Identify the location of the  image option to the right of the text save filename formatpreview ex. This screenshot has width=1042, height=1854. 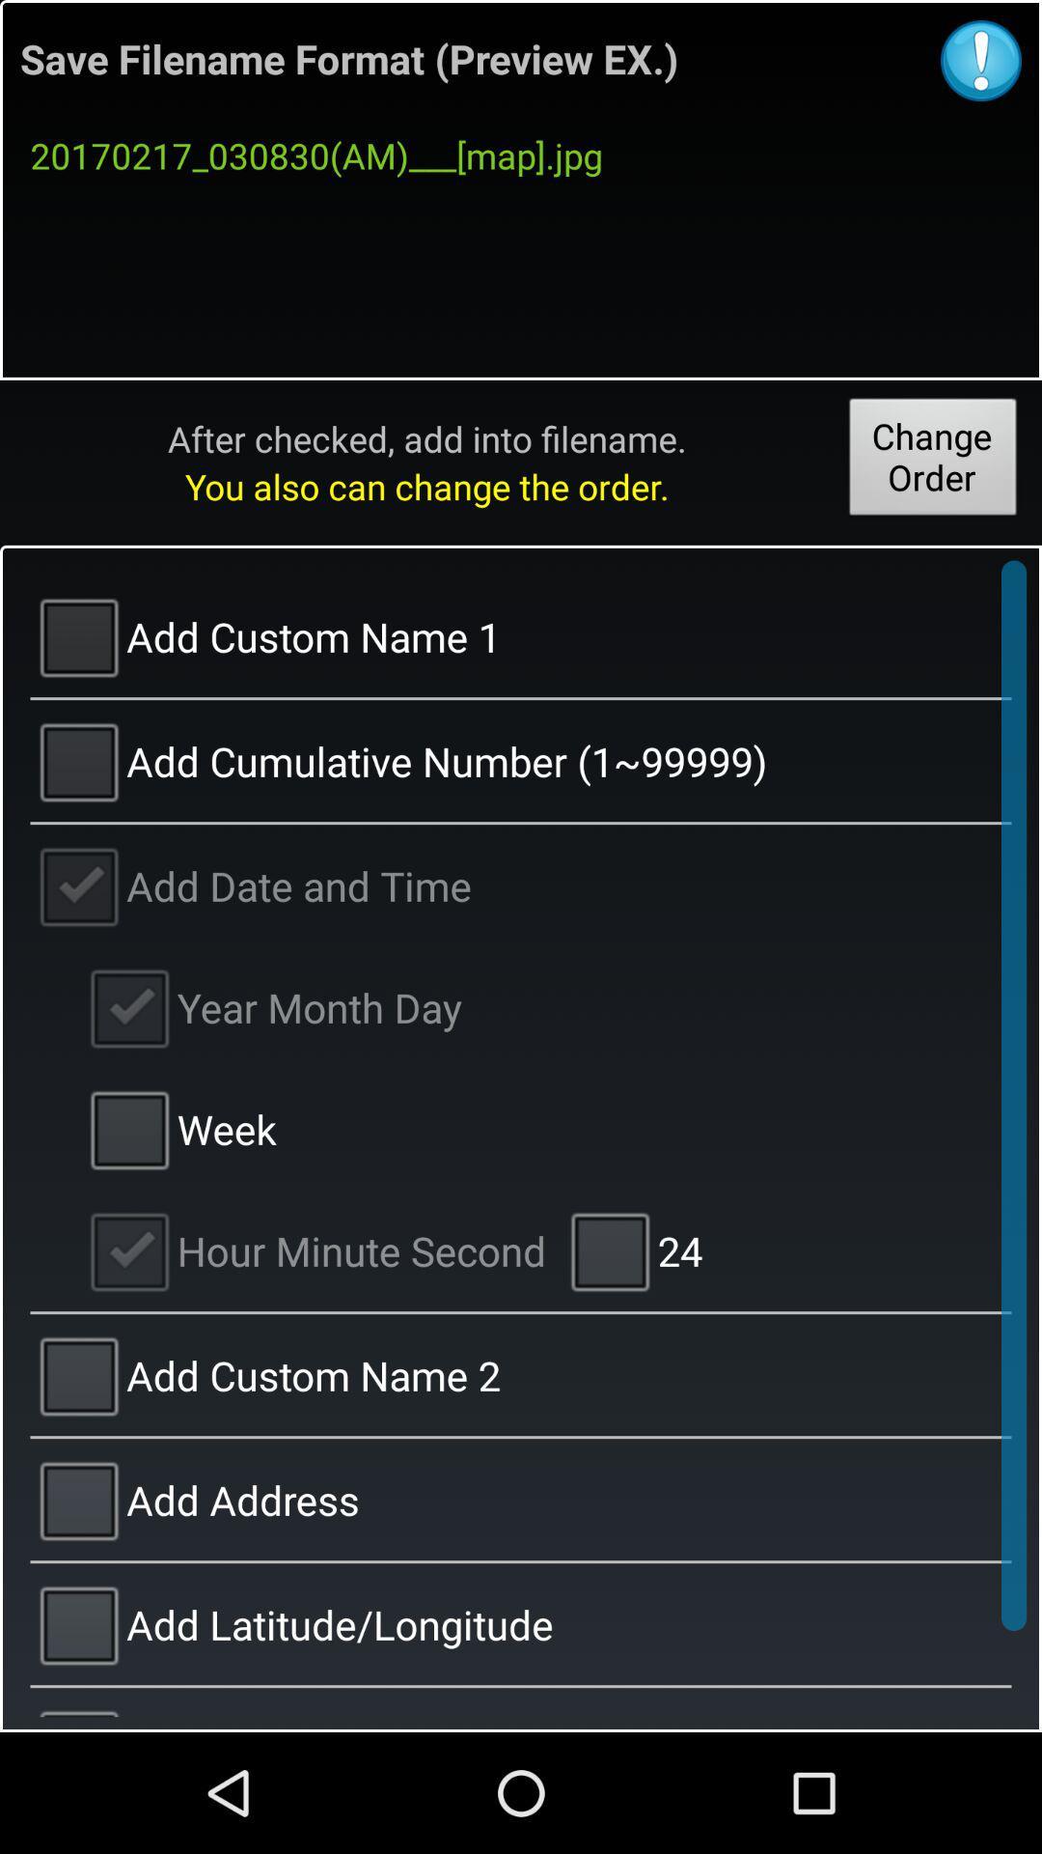
(981, 60).